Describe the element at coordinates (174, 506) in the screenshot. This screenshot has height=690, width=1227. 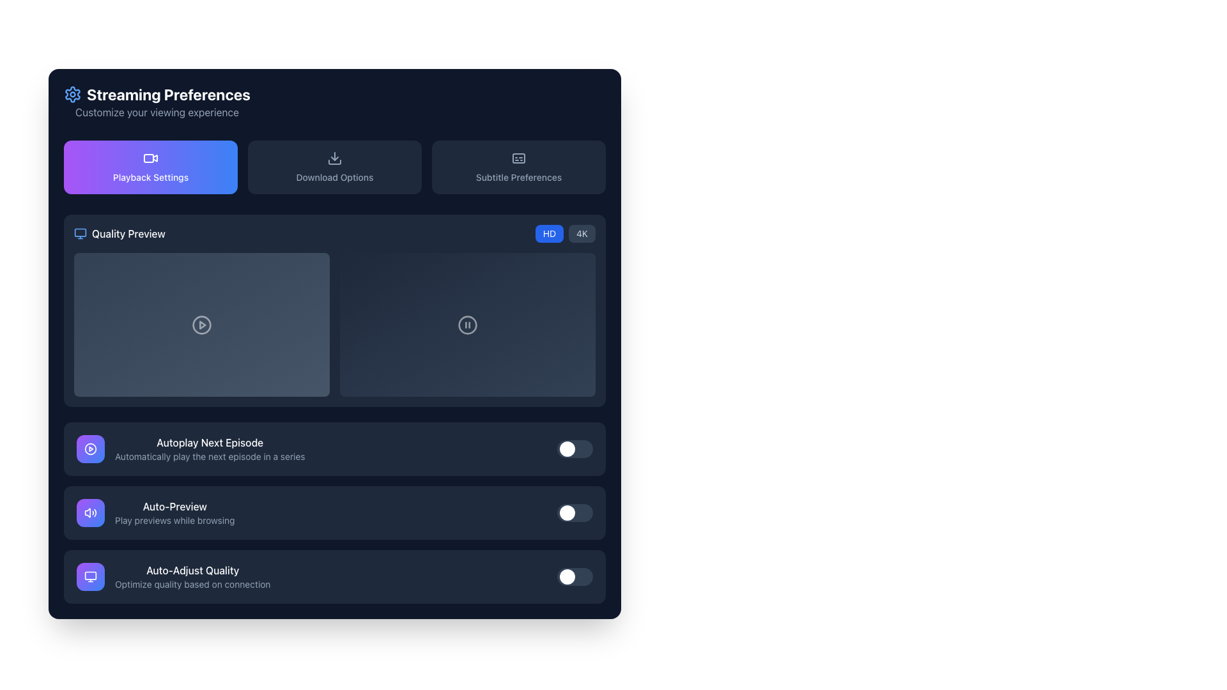
I see `the Text Label that serves as a title for the 'Auto-Preview' feature, located above the descriptive text 'Play previews while browsing.'` at that location.